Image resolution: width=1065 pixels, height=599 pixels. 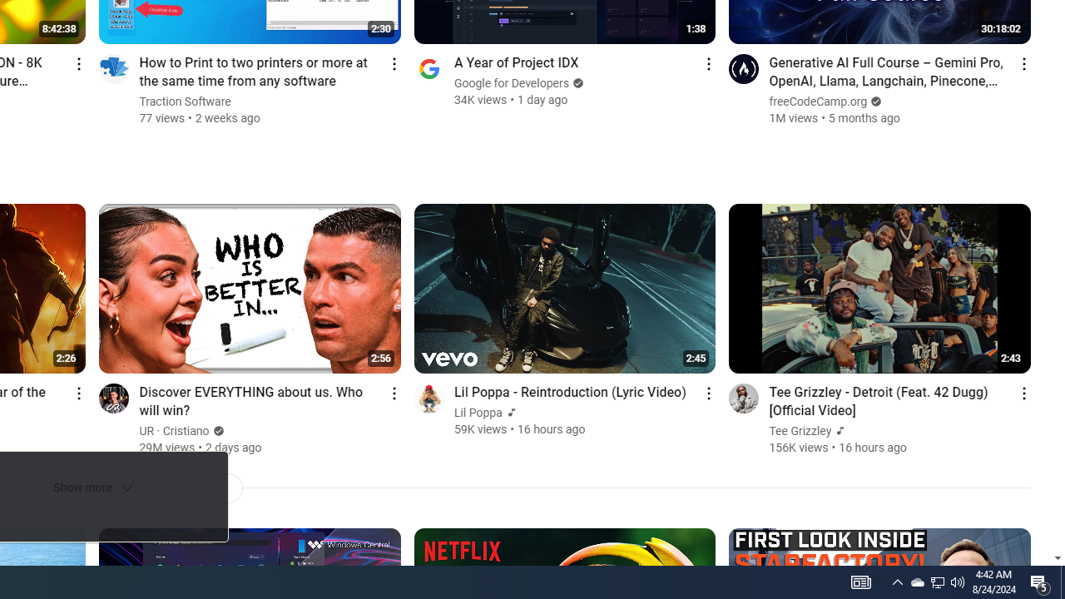 I want to click on 'Tee Grizzley', so click(x=800, y=430).